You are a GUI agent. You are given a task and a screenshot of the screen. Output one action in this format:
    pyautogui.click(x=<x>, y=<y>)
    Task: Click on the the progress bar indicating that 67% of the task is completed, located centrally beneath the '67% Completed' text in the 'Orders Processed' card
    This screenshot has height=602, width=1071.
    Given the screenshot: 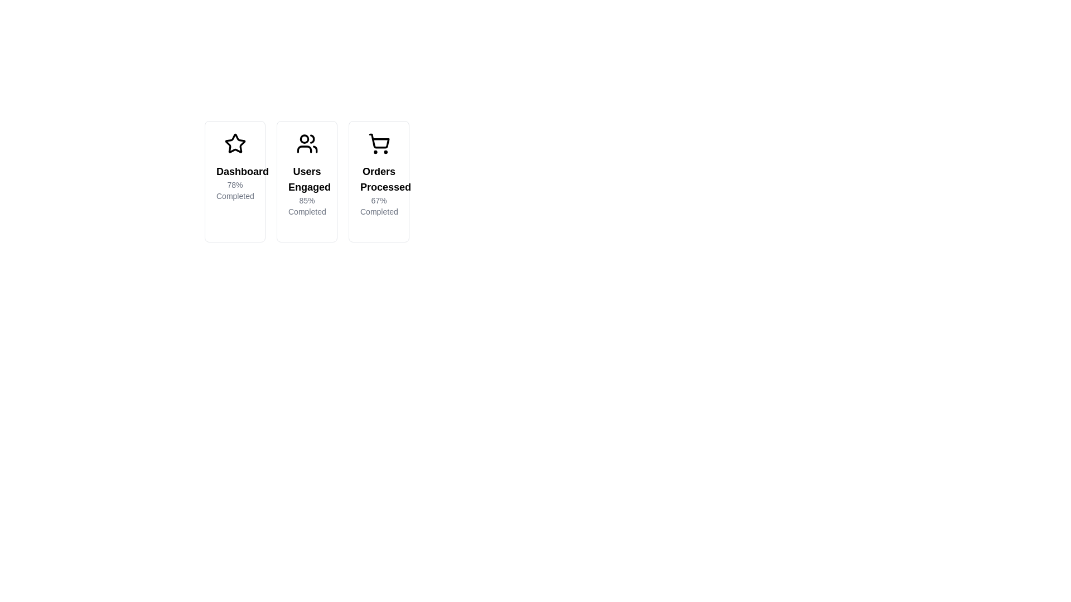 What is the action you would take?
    pyautogui.click(x=373, y=227)
    